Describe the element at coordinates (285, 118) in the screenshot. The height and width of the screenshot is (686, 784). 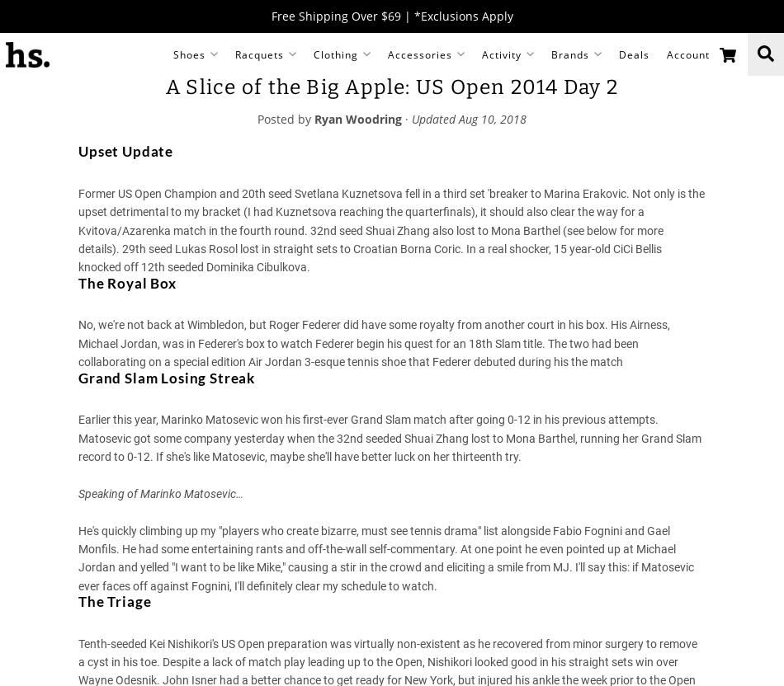
I see `'Posted by'` at that location.